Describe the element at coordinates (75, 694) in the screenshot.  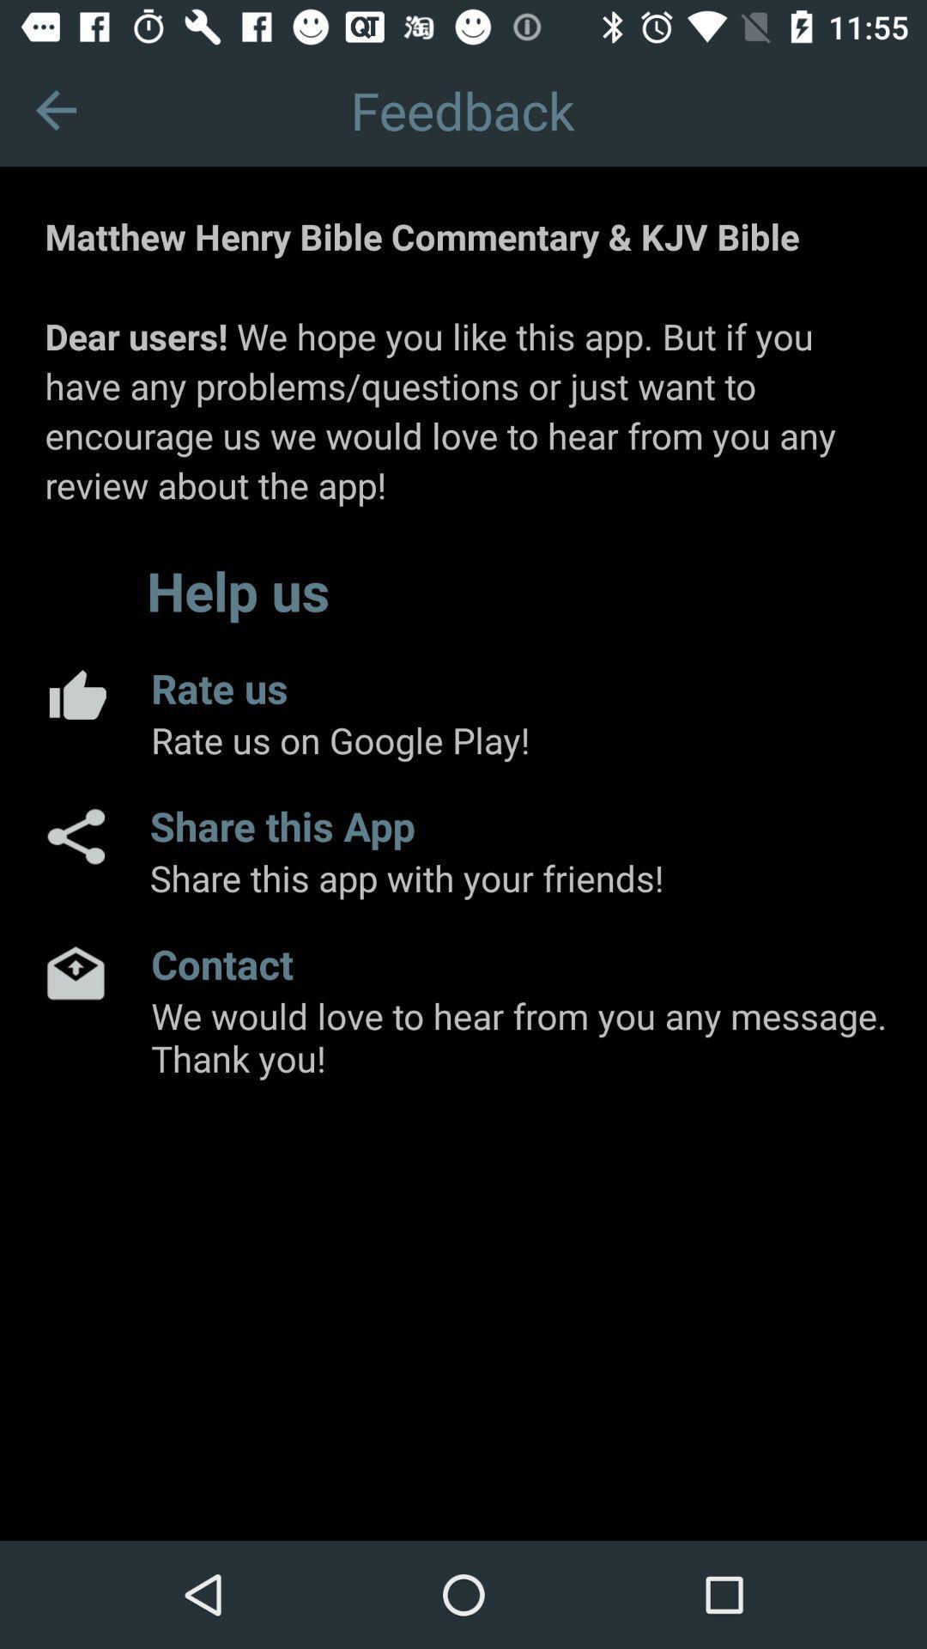
I see `the thumbs_up icon` at that location.